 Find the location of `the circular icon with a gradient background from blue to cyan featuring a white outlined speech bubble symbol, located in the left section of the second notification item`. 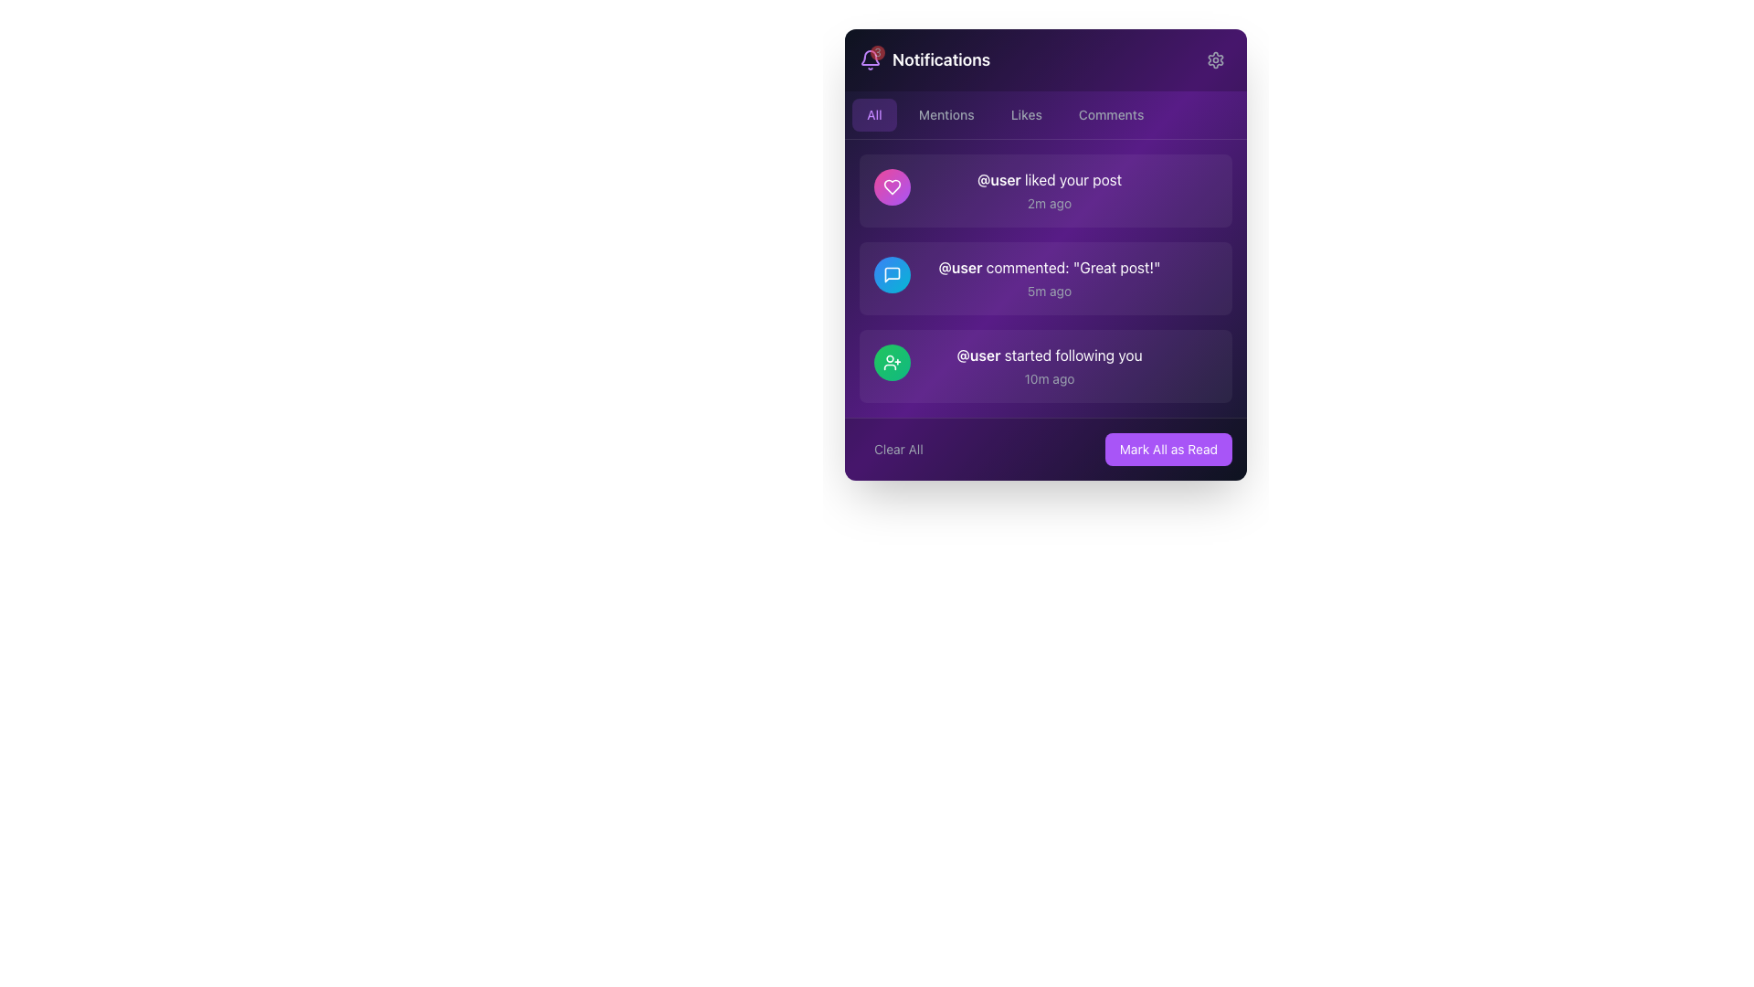

the circular icon with a gradient background from blue to cyan featuring a white outlined speech bubble symbol, located in the left section of the second notification item is located at coordinates (893, 274).